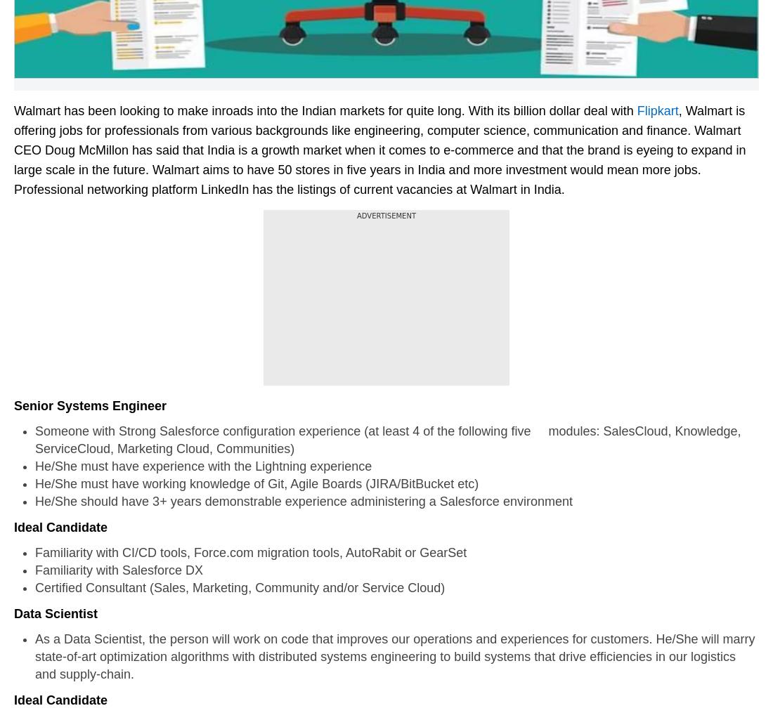 The width and height of the screenshot is (773, 713). Describe the element at coordinates (63, 39) in the screenshot. I see `'events'` at that location.